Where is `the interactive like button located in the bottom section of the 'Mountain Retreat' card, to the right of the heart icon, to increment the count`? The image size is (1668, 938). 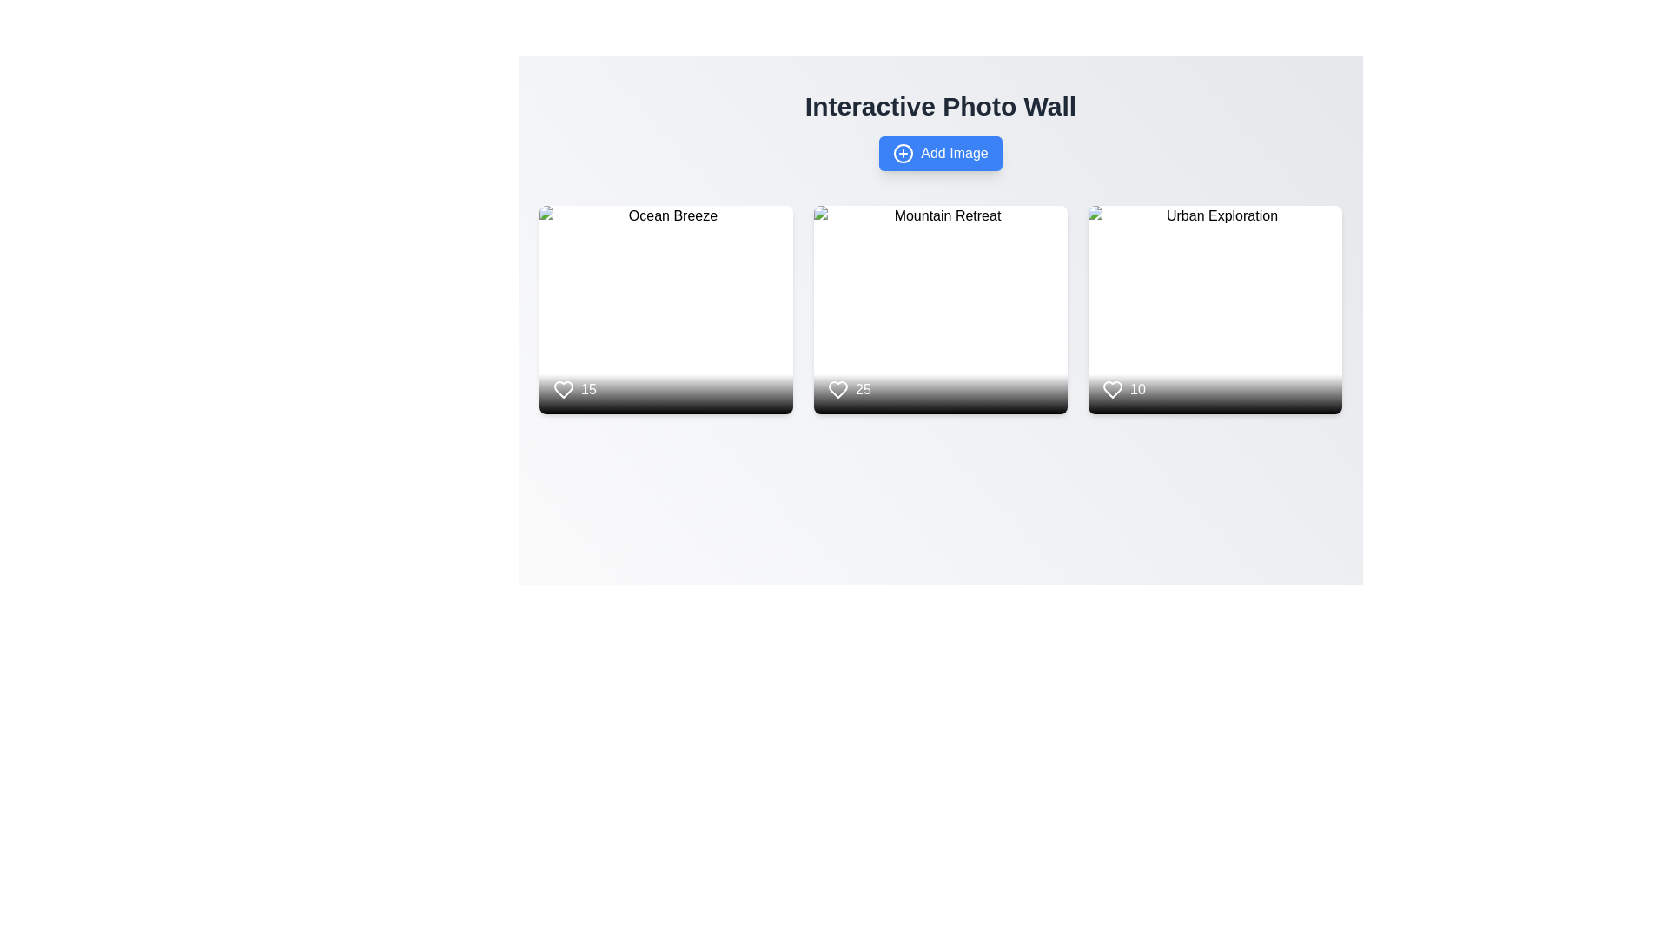
the interactive like button located in the bottom section of the 'Mountain Retreat' card, to the right of the heart icon, to increment the count is located at coordinates (849, 388).